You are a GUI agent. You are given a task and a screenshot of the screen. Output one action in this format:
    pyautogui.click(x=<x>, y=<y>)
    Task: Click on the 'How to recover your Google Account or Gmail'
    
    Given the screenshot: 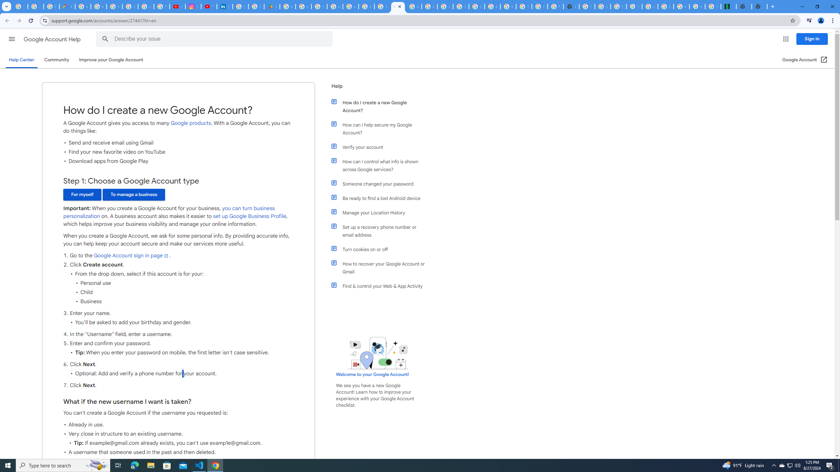 What is the action you would take?
    pyautogui.click(x=381, y=267)
    